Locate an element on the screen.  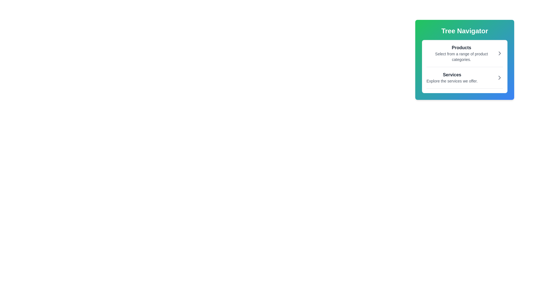
the static text header indicating the services section, located under the 'Products' section in the 'Tree Navigator' interface is located at coordinates (452, 74).